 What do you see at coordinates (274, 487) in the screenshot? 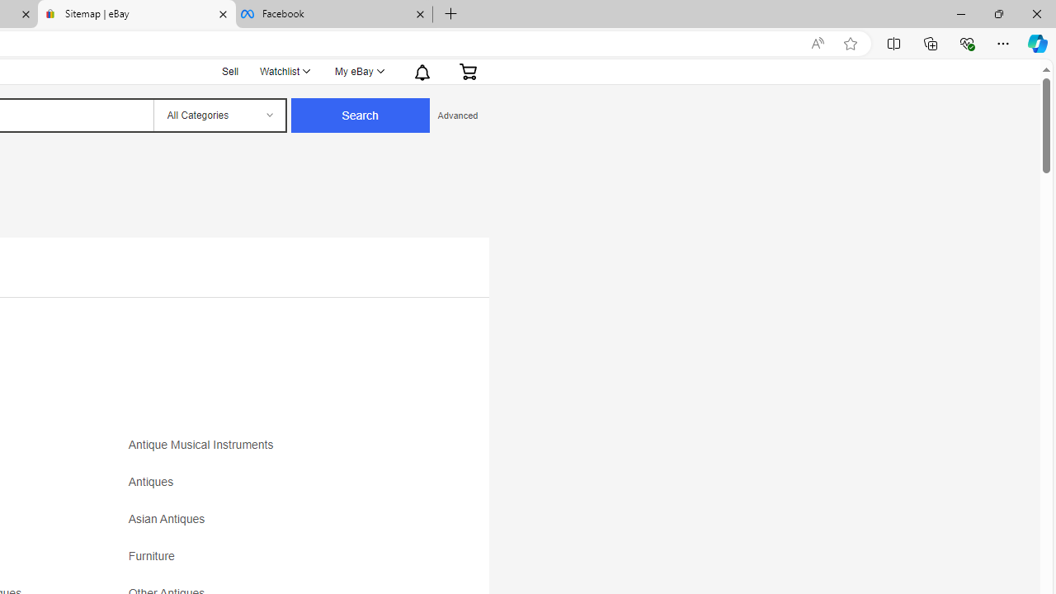
I see `'Antiques'` at bounding box center [274, 487].